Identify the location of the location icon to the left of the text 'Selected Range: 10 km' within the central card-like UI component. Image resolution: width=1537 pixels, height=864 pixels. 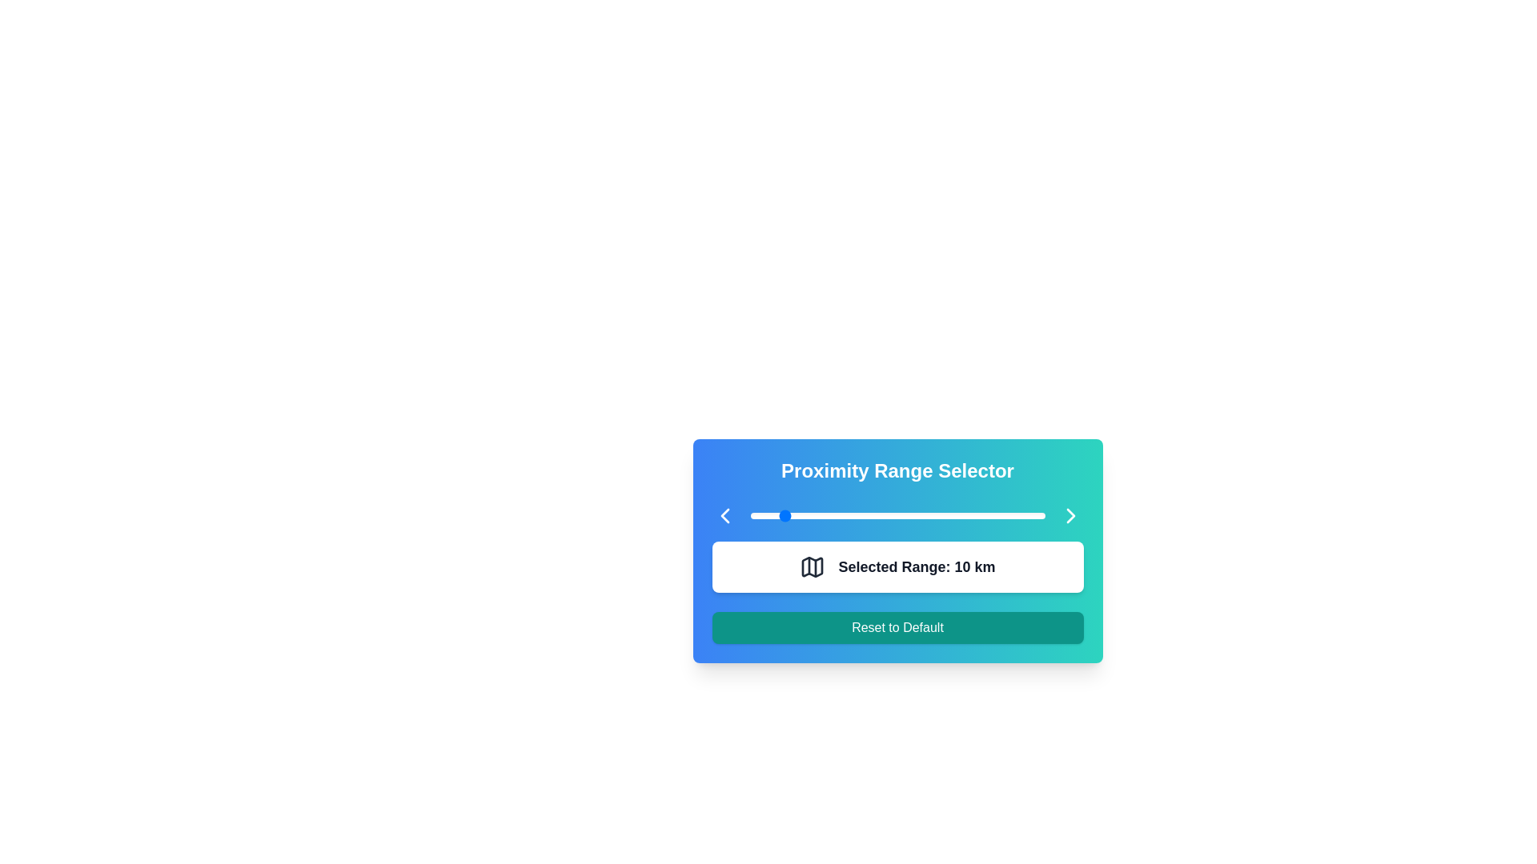
(813, 566).